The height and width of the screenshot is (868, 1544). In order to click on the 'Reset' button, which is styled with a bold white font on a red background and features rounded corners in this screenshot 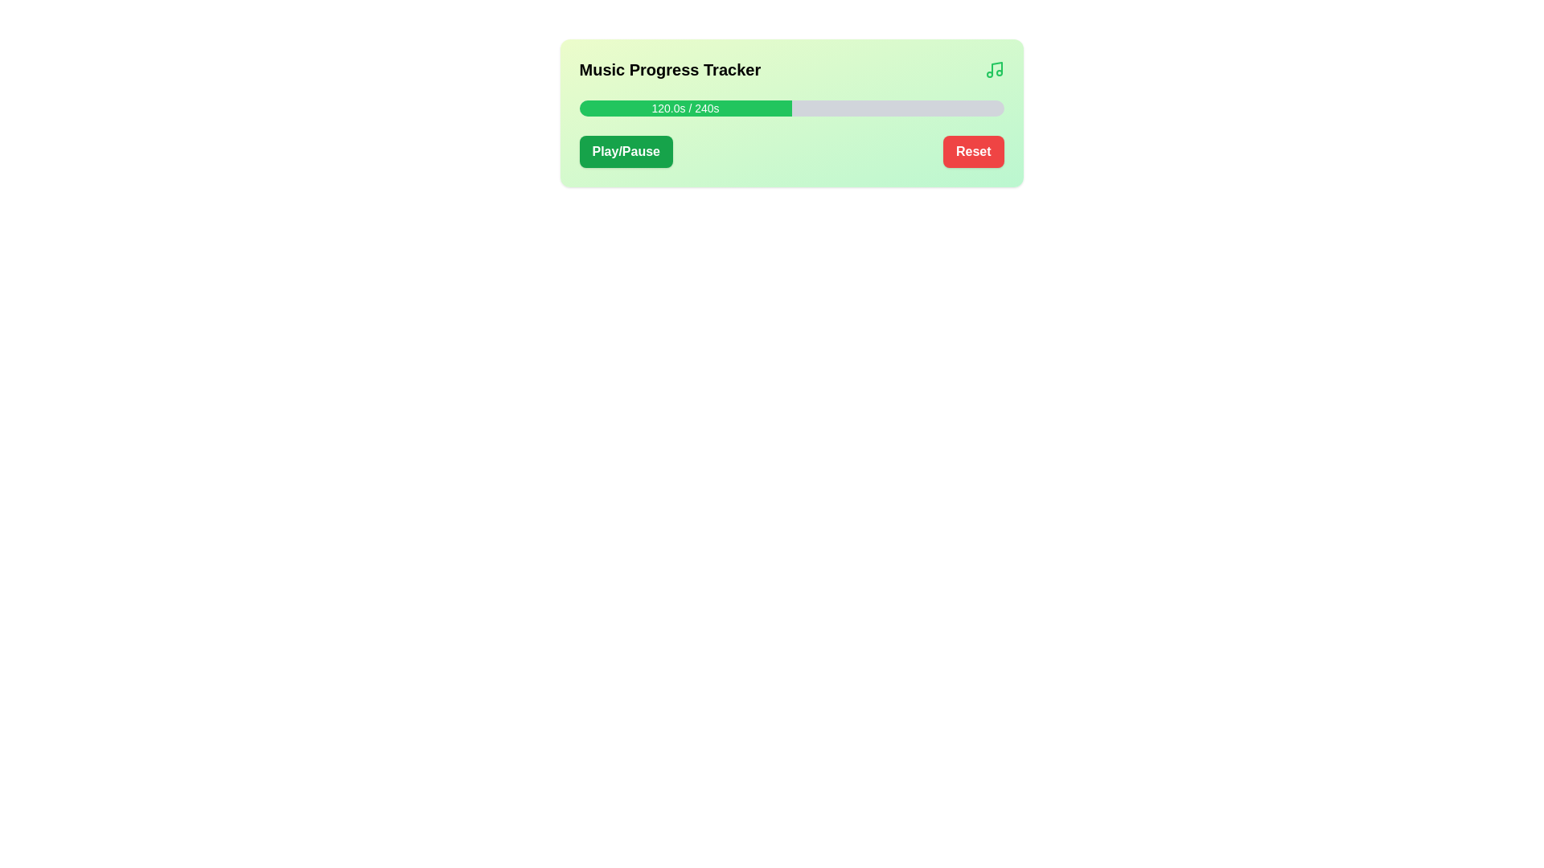, I will do `click(972, 152)`.